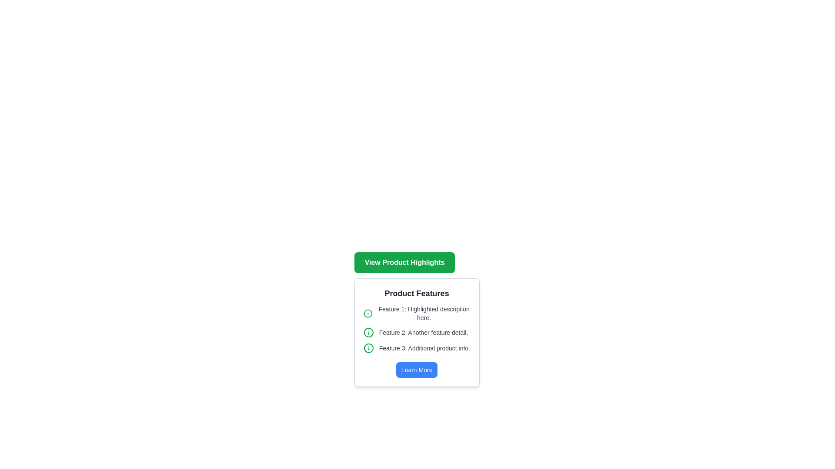  Describe the element at coordinates (424, 313) in the screenshot. I see `the text label that describes the first feature in the 'Product Features' section, which is accompanied by a green 'info' icon` at that location.